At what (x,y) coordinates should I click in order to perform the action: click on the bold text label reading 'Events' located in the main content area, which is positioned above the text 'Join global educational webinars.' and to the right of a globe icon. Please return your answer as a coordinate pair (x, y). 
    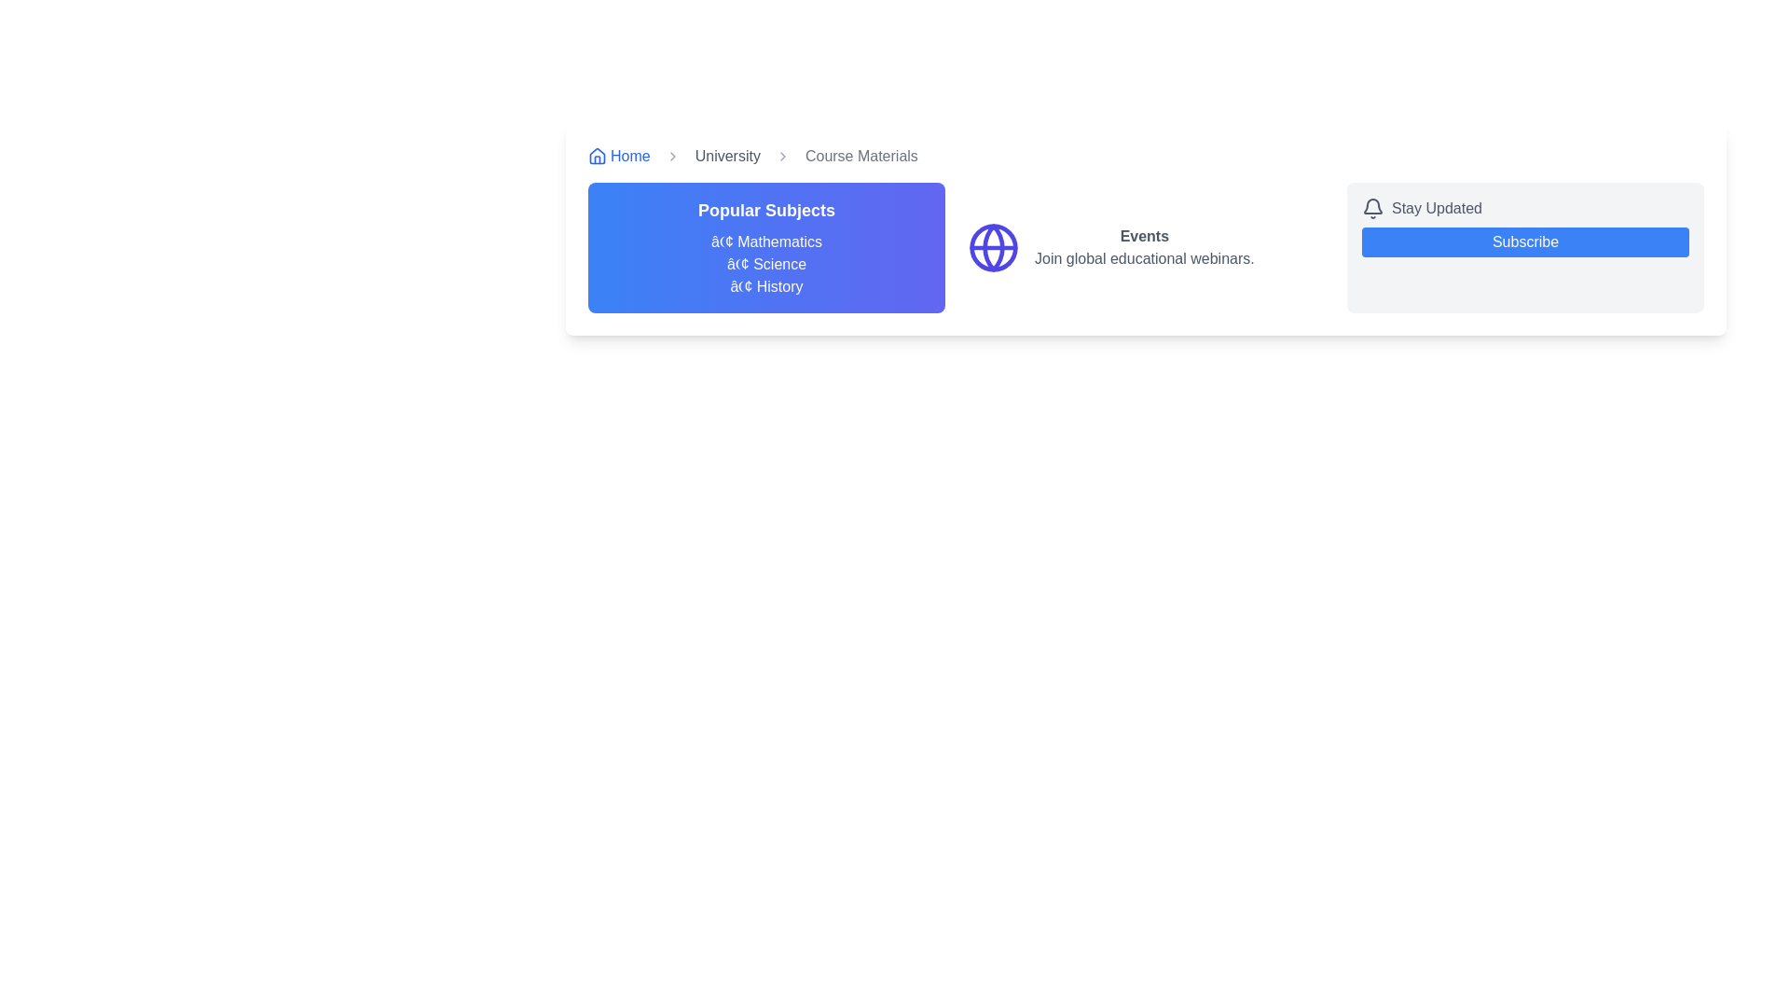
    Looking at the image, I should click on (1143, 236).